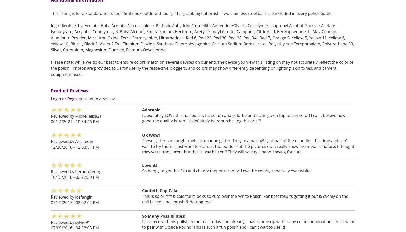  What do you see at coordinates (248, 146) in the screenshot?
I see `'These glitters are bright metallic opaque glitter. They’re amazing! I got half of the neon line this time and can’t wait to try them. I just want to stare at the bottle. Ha! The pictures dont really show the metallic nature; I thought they were translucent but this is way better!!! They will satisfy a neon craving for sure!'` at bounding box center [248, 146].